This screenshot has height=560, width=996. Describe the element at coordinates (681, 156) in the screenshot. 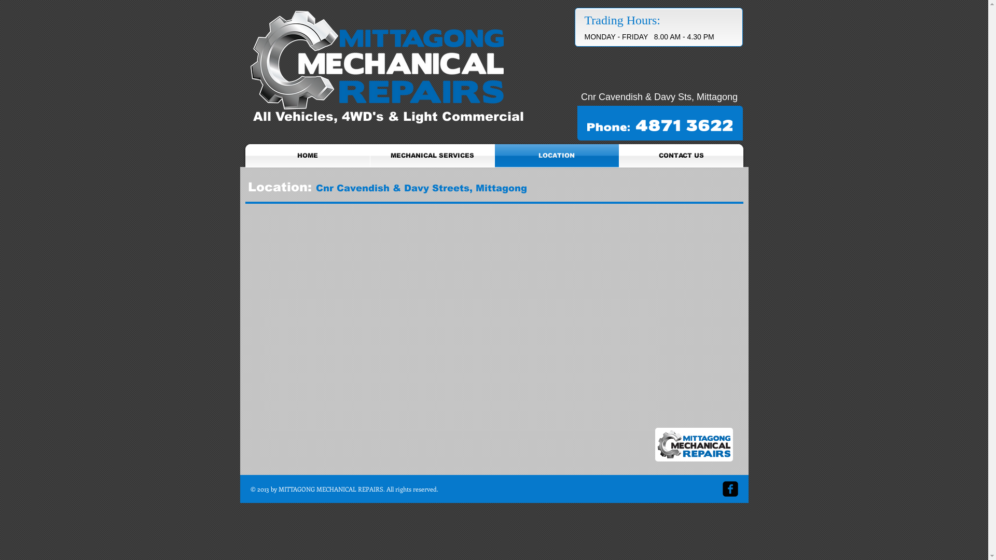

I see `'CONTACT US'` at that location.